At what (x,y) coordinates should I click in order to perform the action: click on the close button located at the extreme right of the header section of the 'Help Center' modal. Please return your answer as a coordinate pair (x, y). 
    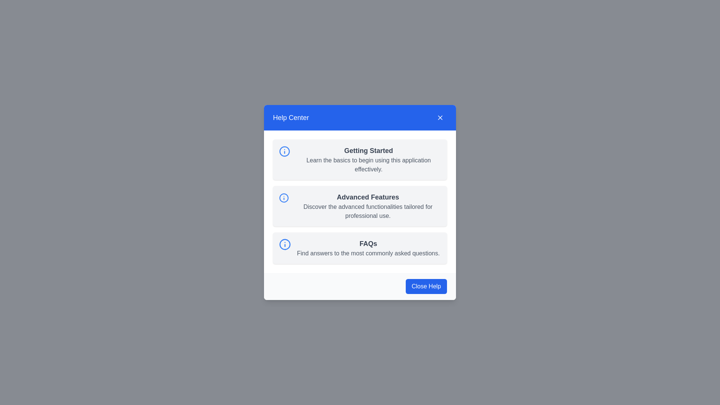
    Looking at the image, I should click on (440, 117).